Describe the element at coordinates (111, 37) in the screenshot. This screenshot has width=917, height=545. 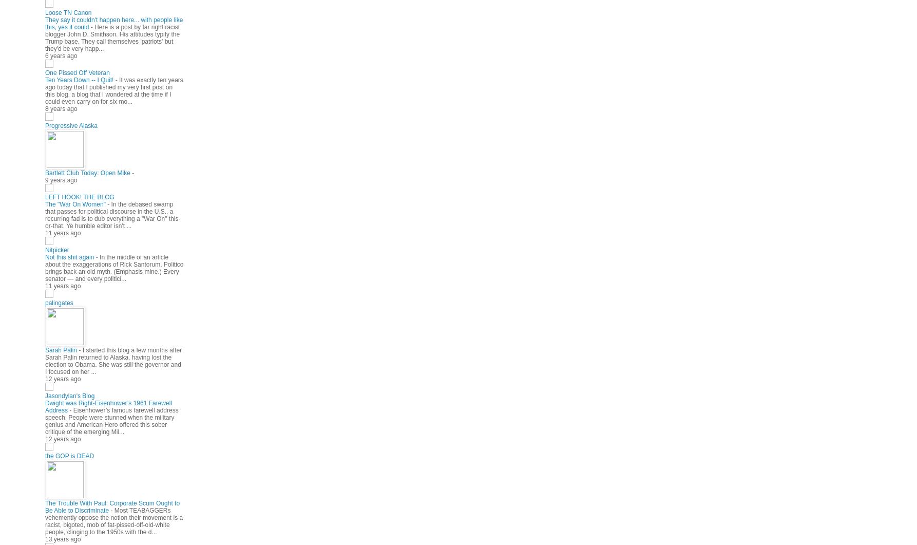
I see `'Here is a post by far right racist blogger John D. Smithson.  His attitudes 
typify the Trump base.  They call themselves 'patriots' but they'd be very 
happ...'` at that location.